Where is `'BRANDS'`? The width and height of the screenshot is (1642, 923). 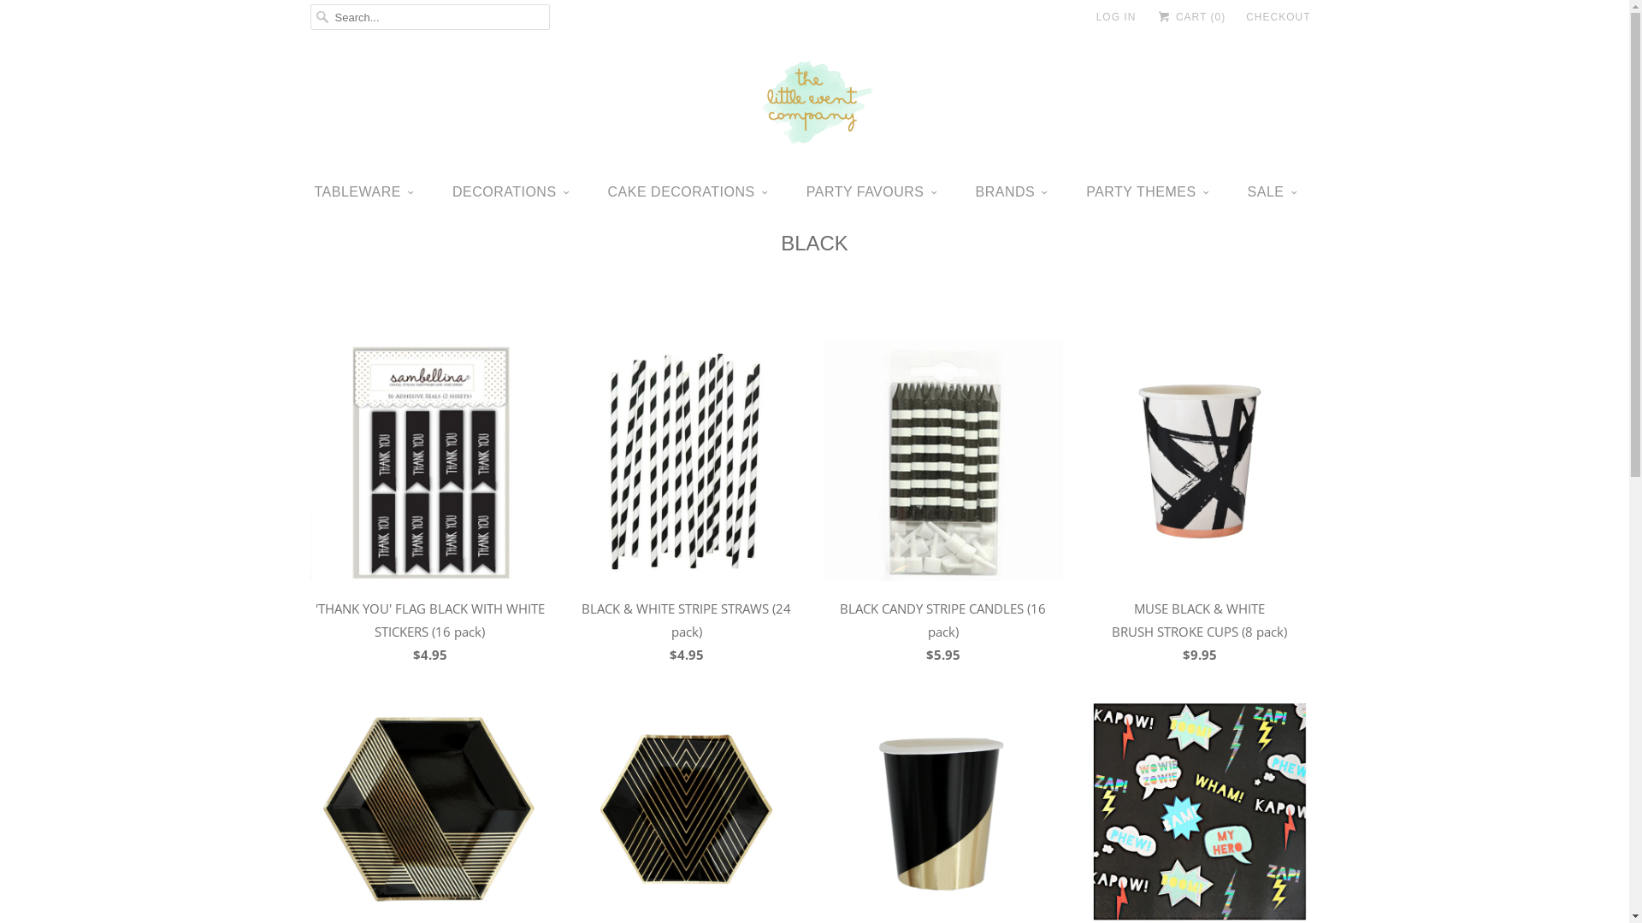
'BRANDS' is located at coordinates (1011, 192).